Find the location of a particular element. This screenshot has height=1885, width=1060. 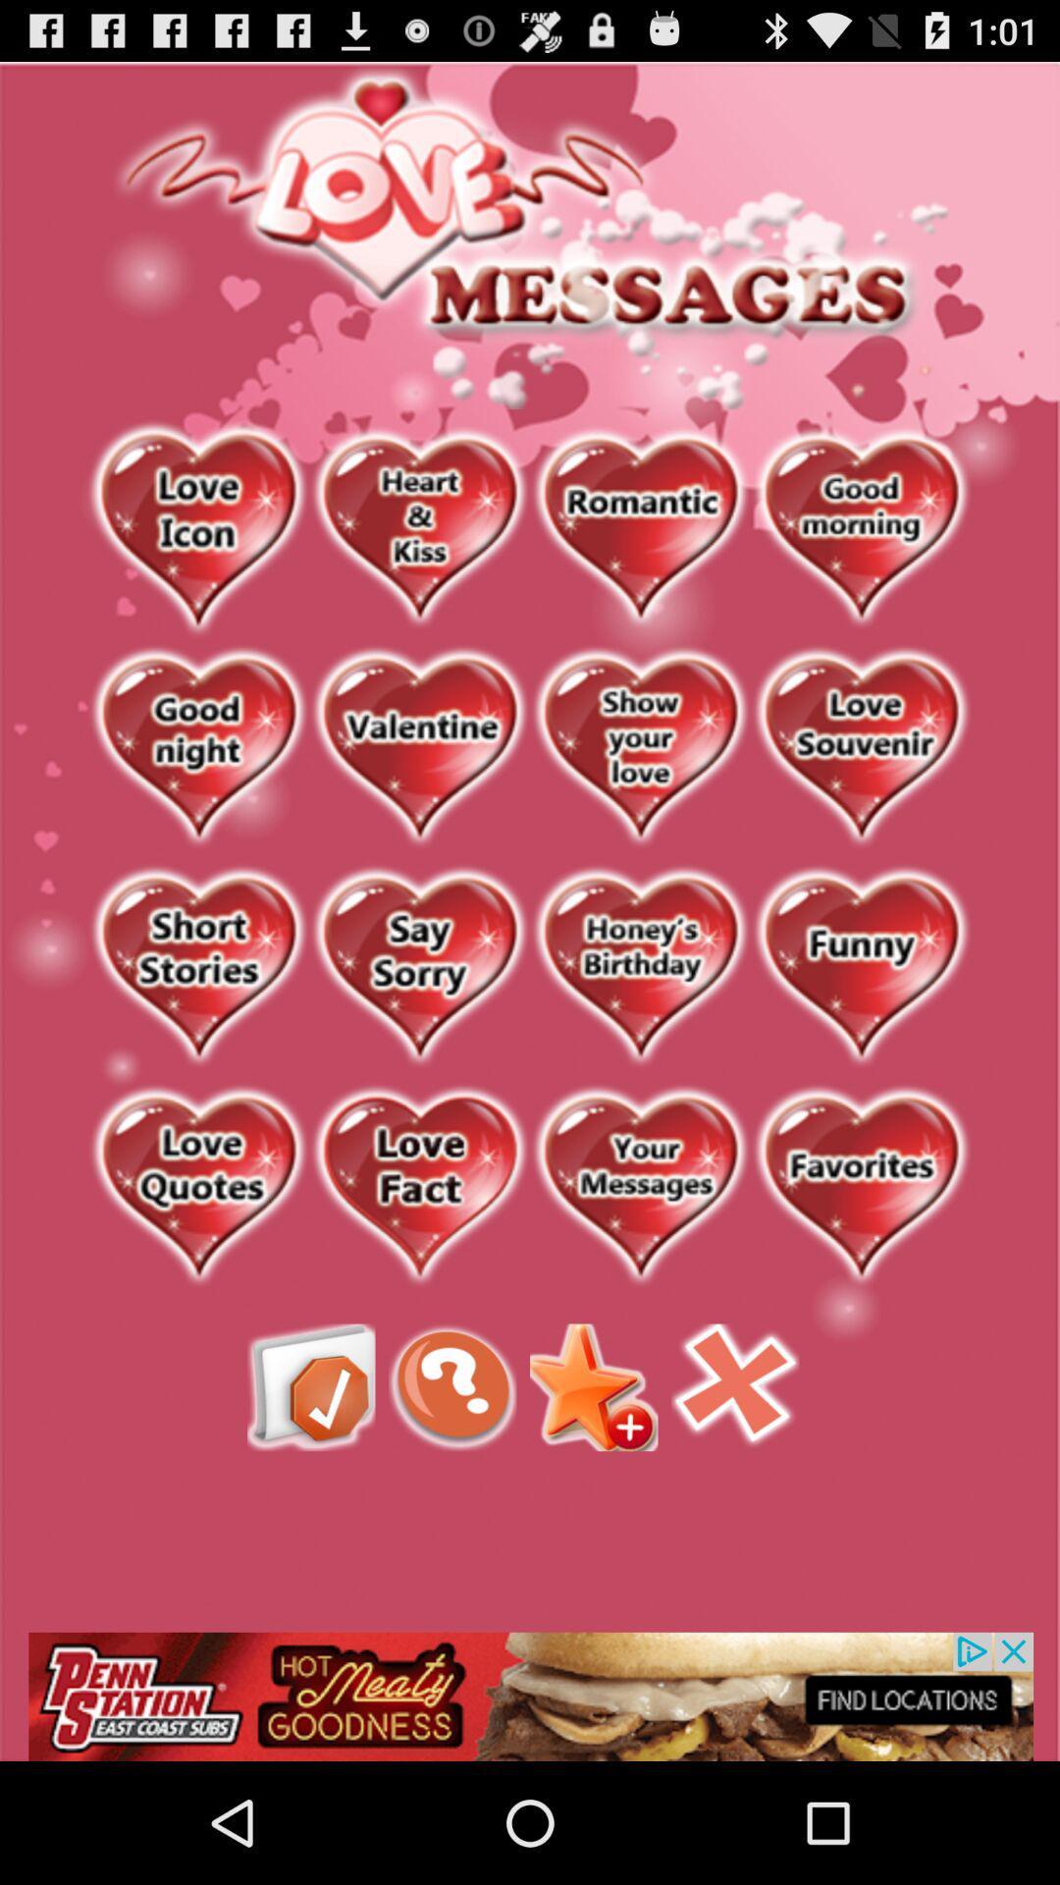

advertisement bar is located at coordinates (530, 1696).